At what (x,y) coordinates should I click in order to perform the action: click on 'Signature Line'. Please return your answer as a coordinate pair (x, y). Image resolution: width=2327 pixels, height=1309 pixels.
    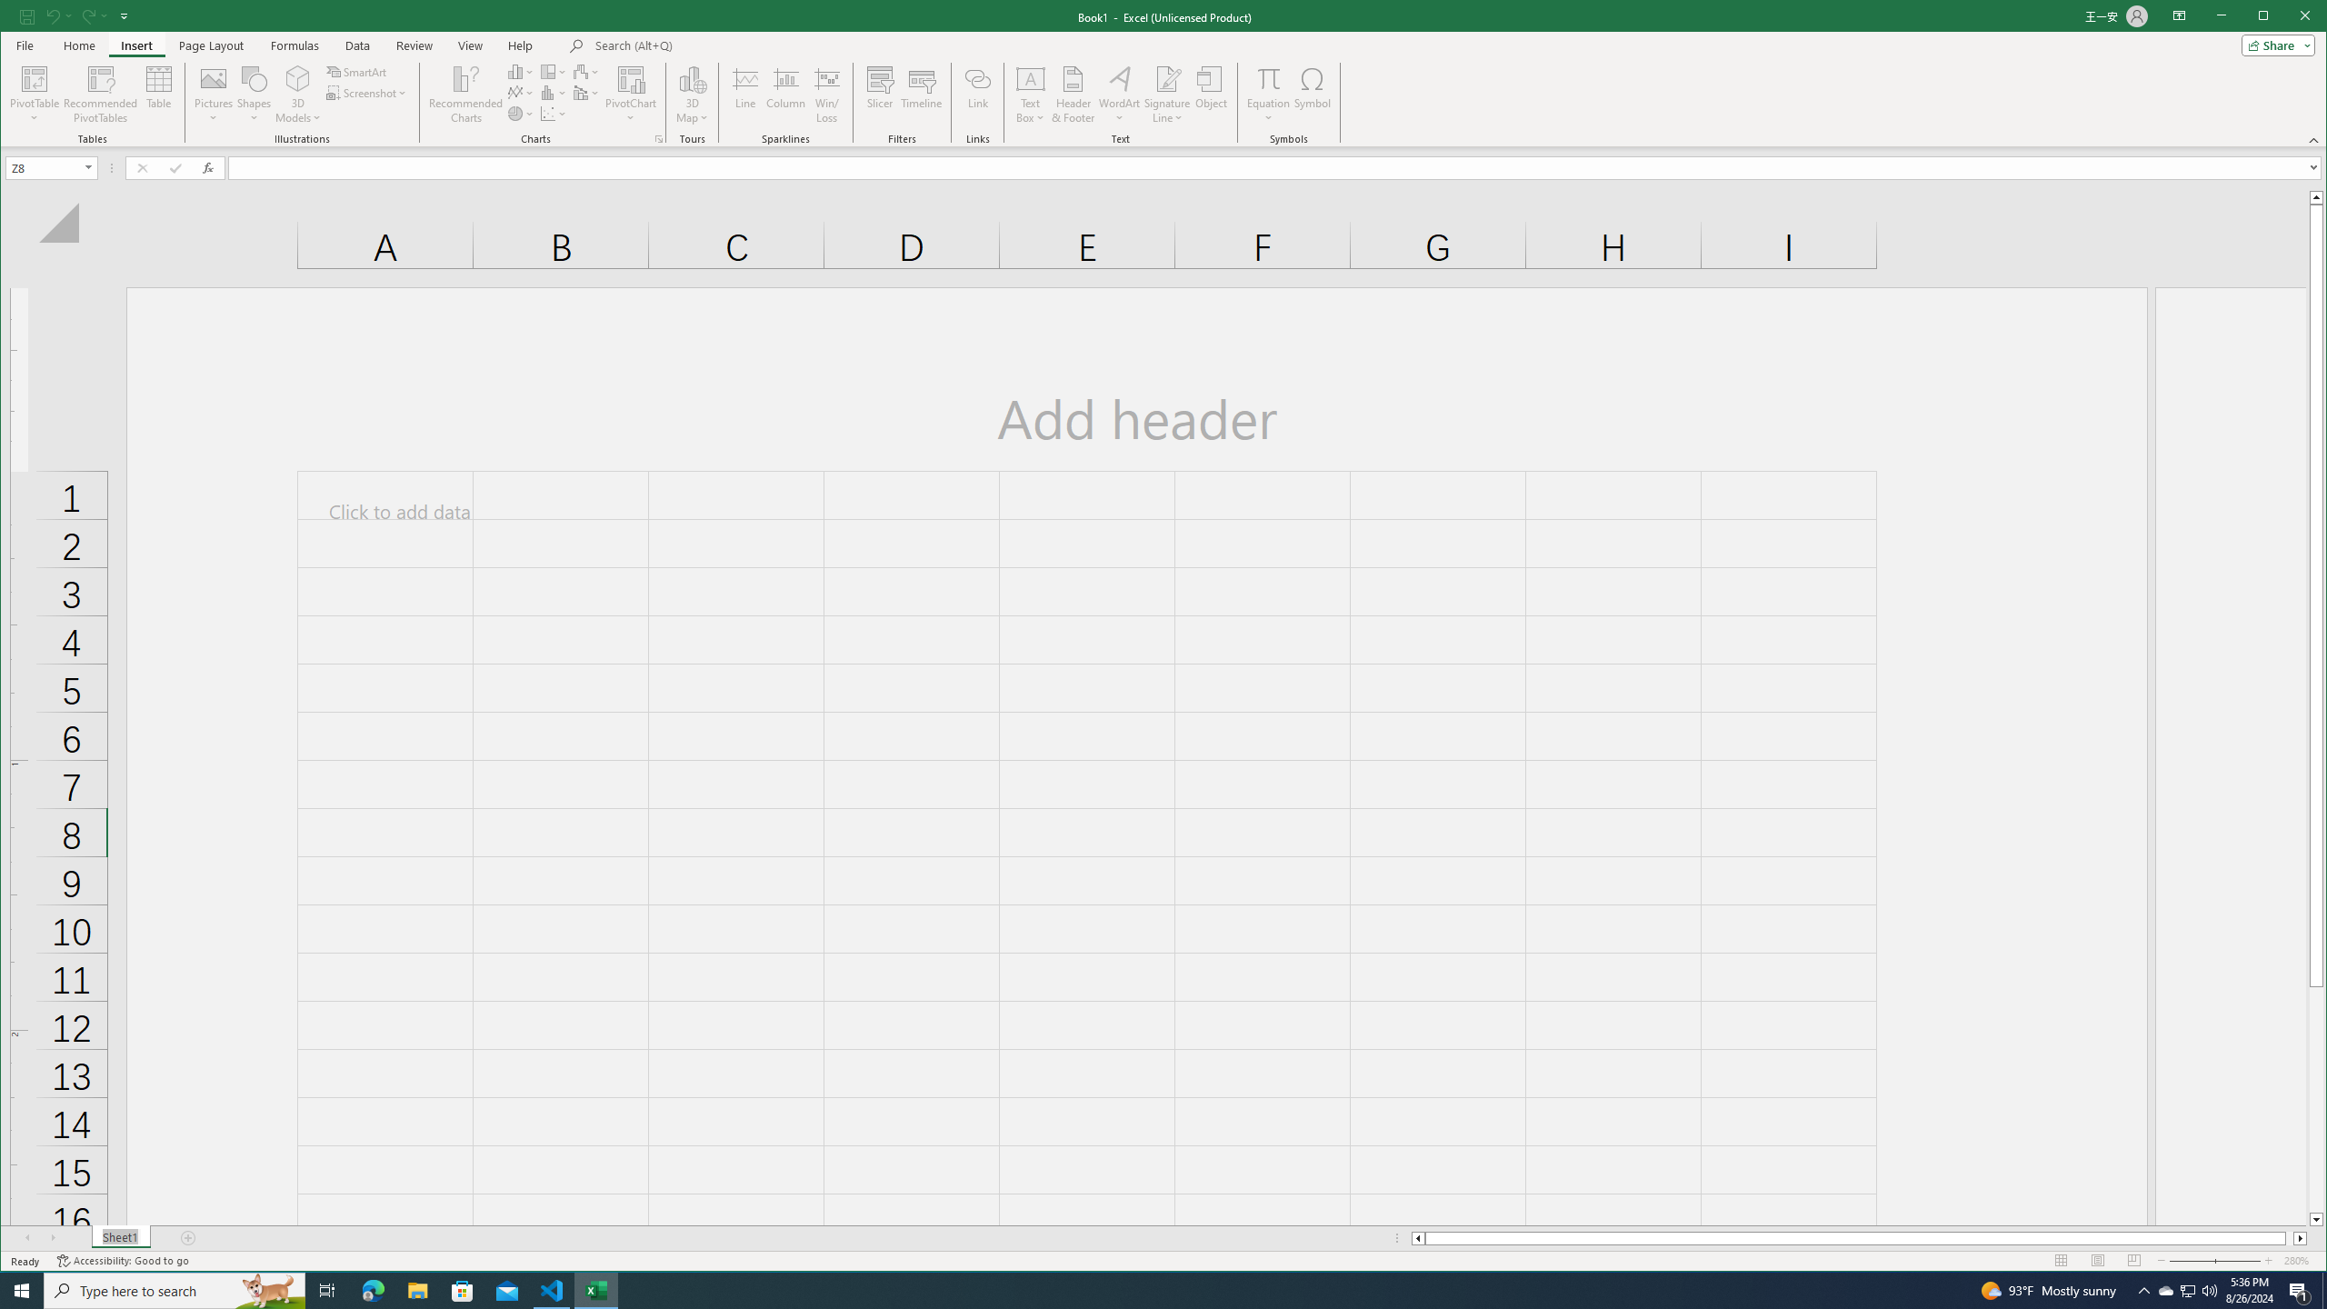
    Looking at the image, I should click on (1166, 94).